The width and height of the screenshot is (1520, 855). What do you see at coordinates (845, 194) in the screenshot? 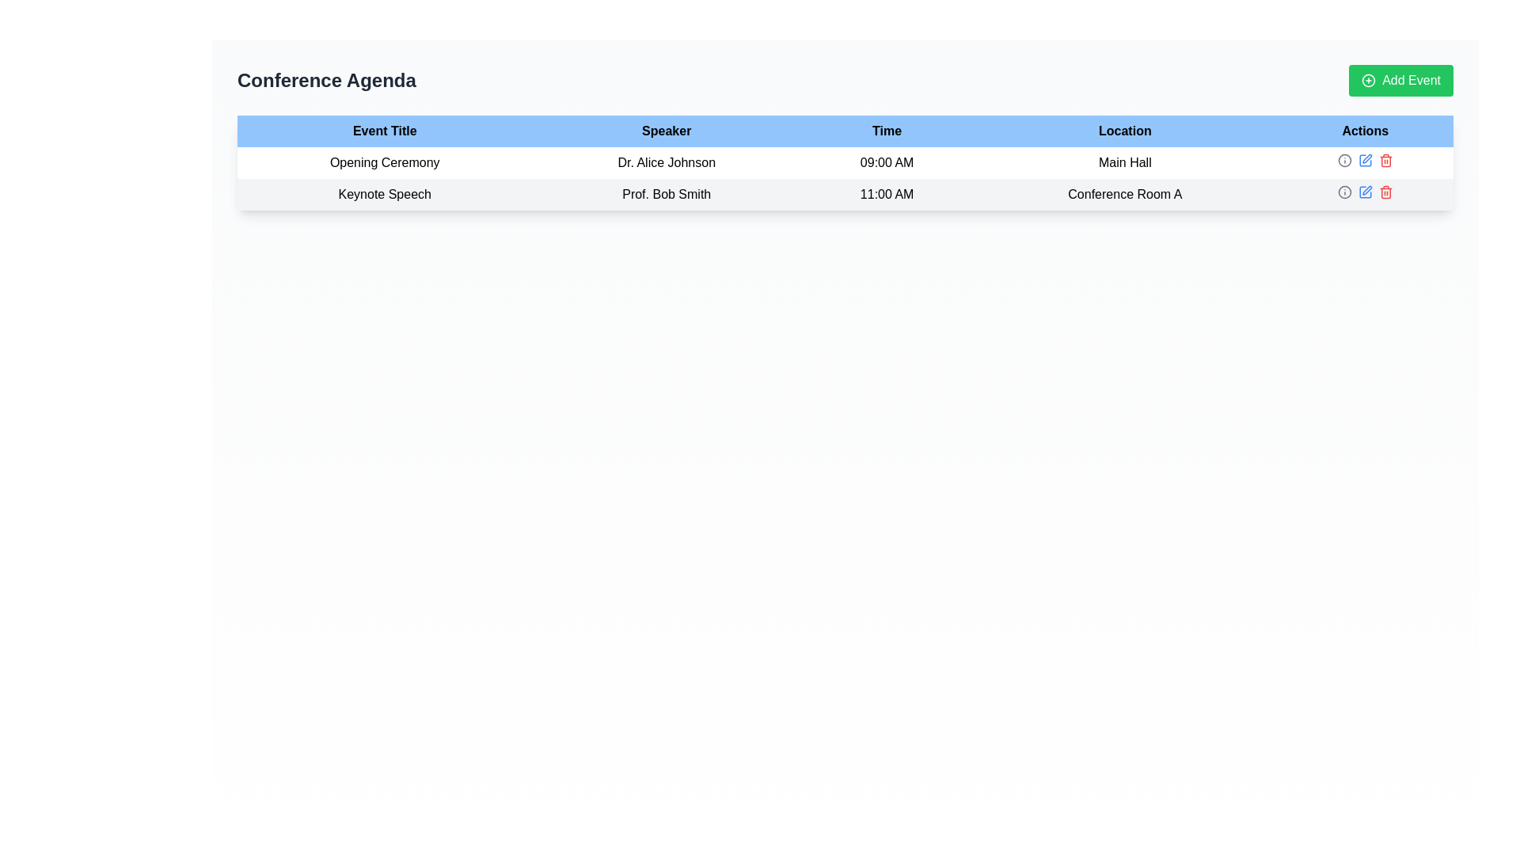
I see `on the table data row representing the session titled 'Keynote Speech' presented by 'Prof. Bob Smith' at '11:00 AM' in 'Conference Room A'` at bounding box center [845, 194].